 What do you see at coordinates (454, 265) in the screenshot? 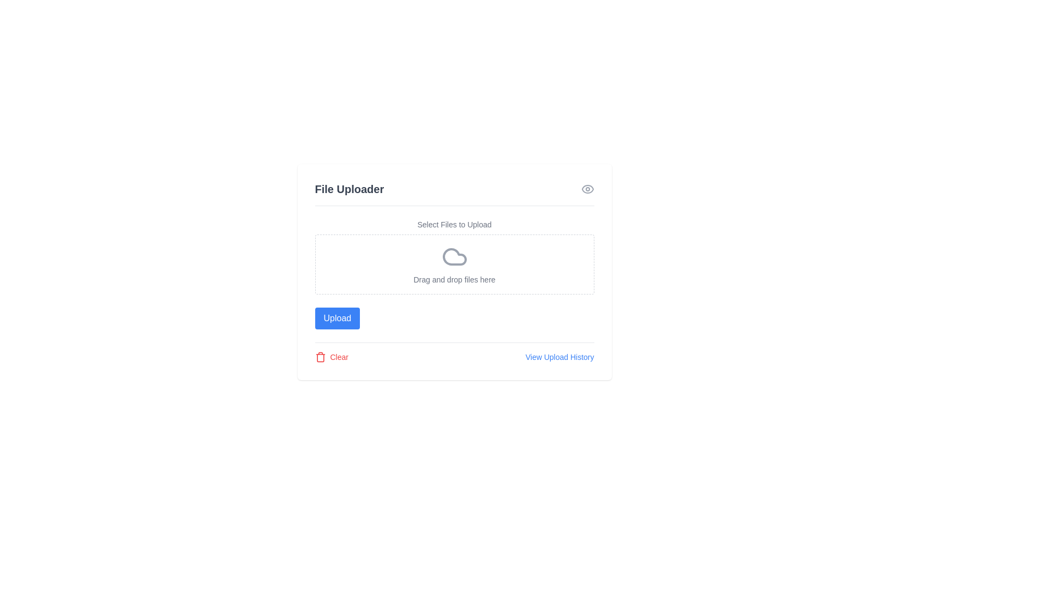
I see `the Drag-and-drop area with a dashed border and rounded corners, labeled 'Drag and drop files here'` at bounding box center [454, 265].